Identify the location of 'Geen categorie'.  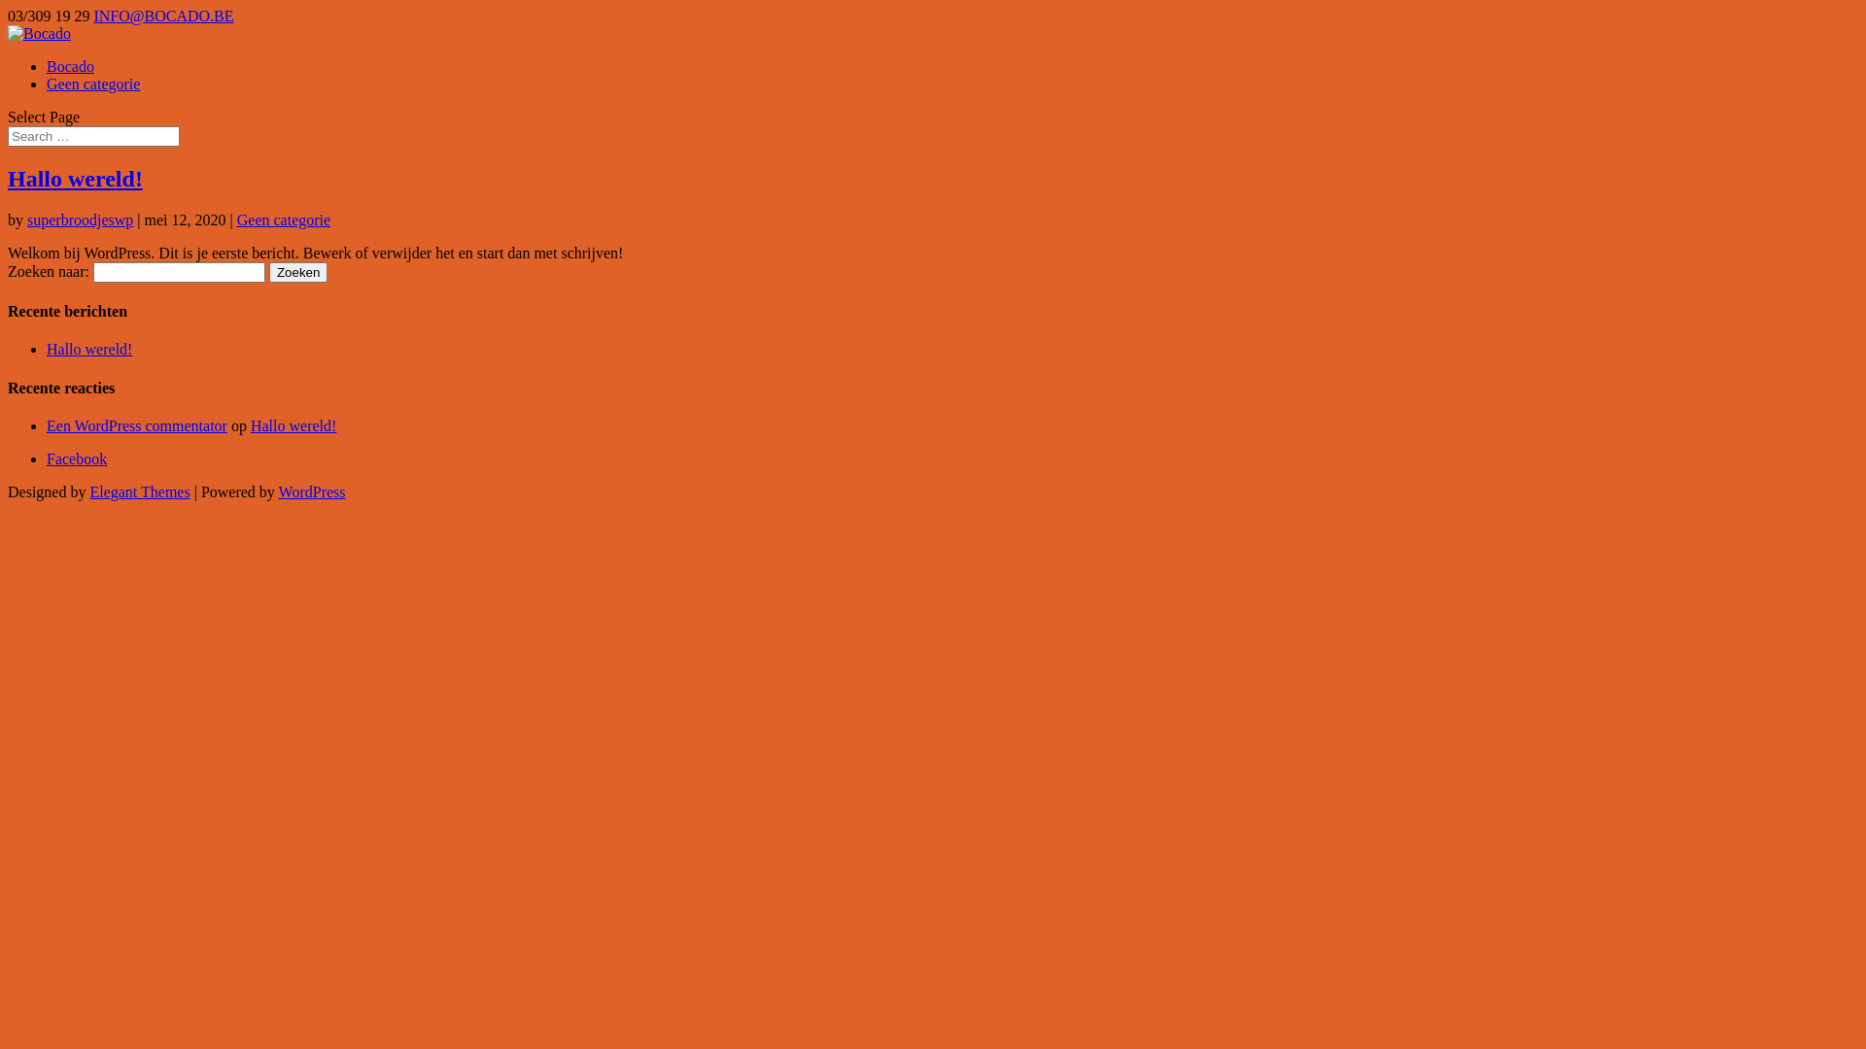
(236, 219).